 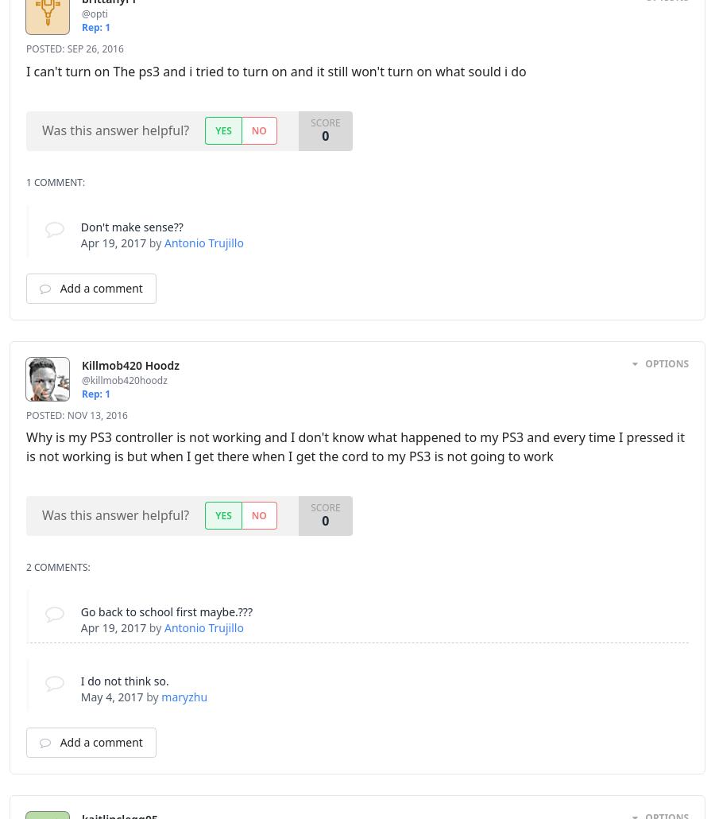 What do you see at coordinates (80, 363) in the screenshot?
I see `'Killmob420 Hoodz'` at bounding box center [80, 363].